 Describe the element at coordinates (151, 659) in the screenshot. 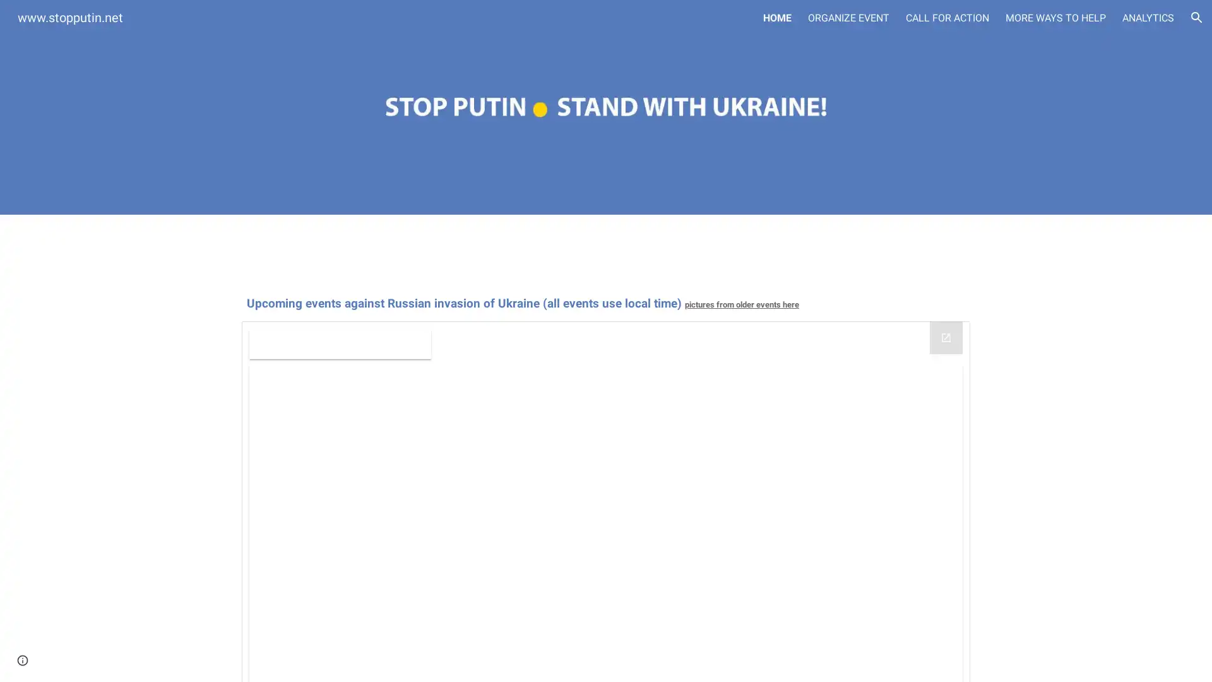

I see `Report abuse` at that location.